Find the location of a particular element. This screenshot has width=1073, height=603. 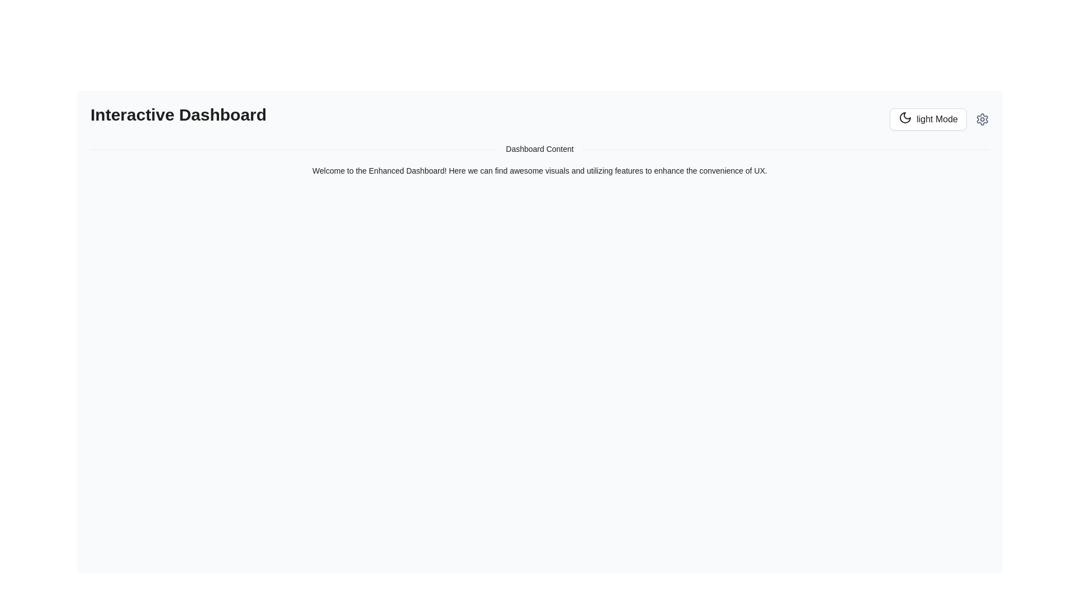

the settings icon located in the top-right corner of the interface, to the right of the 'Light Mode' button is located at coordinates (981, 119).